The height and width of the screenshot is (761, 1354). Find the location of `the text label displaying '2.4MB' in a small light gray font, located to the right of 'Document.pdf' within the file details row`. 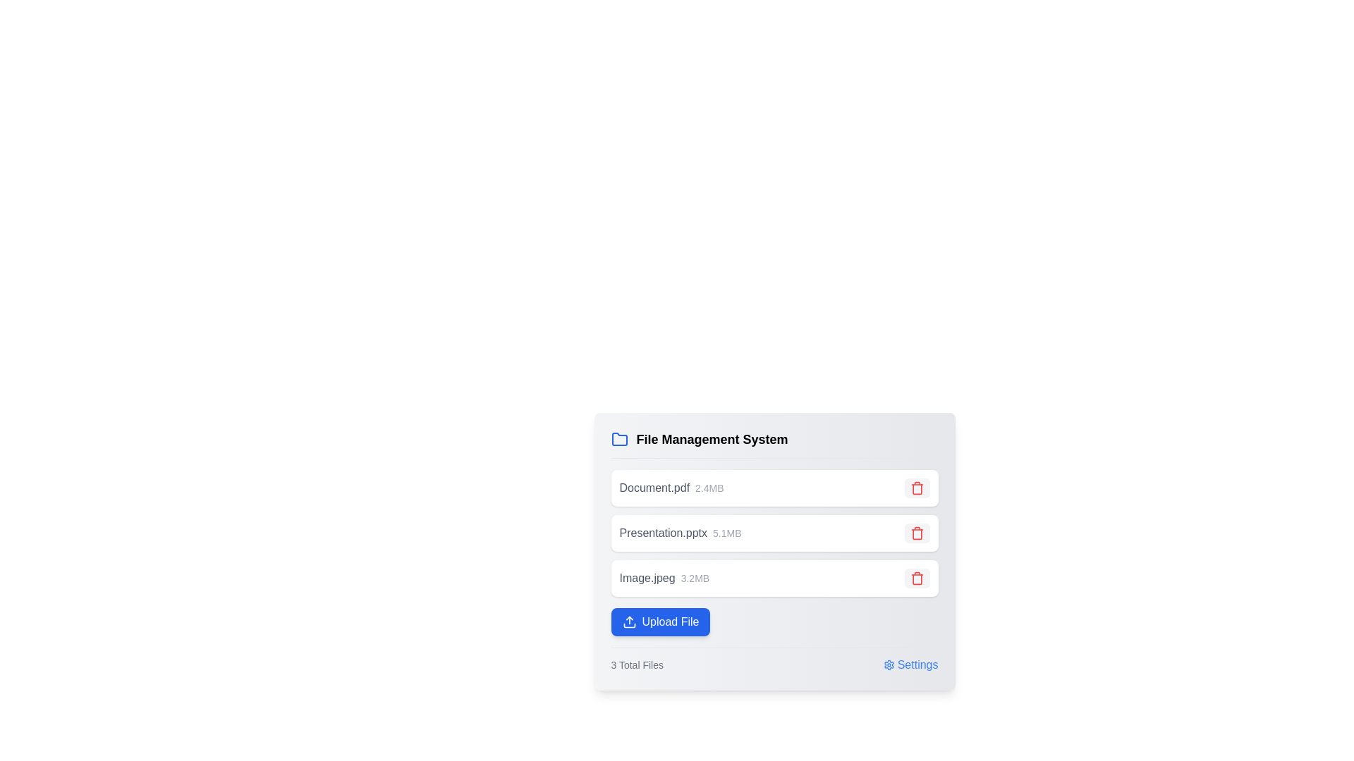

the text label displaying '2.4MB' in a small light gray font, located to the right of 'Document.pdf' within the file details row is located at coordinates (709, 488).